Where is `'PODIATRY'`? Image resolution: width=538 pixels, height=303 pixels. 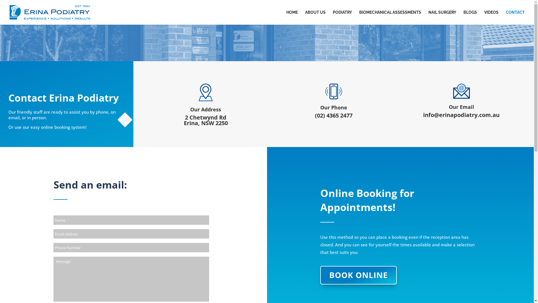 'PODIATRY' is located at coordinates (342, 17).